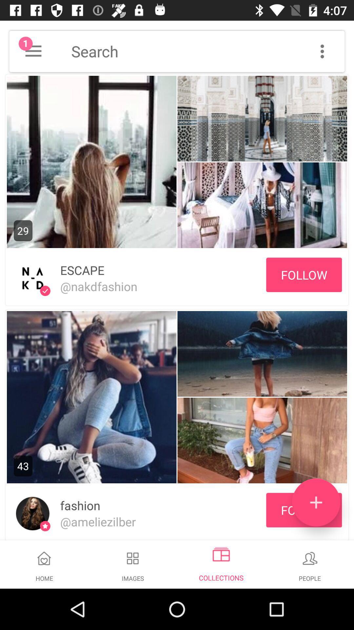  What do you see at coordinates (208, 51) in the screenshot?
I see `search query` at bounding box center [208, 51].